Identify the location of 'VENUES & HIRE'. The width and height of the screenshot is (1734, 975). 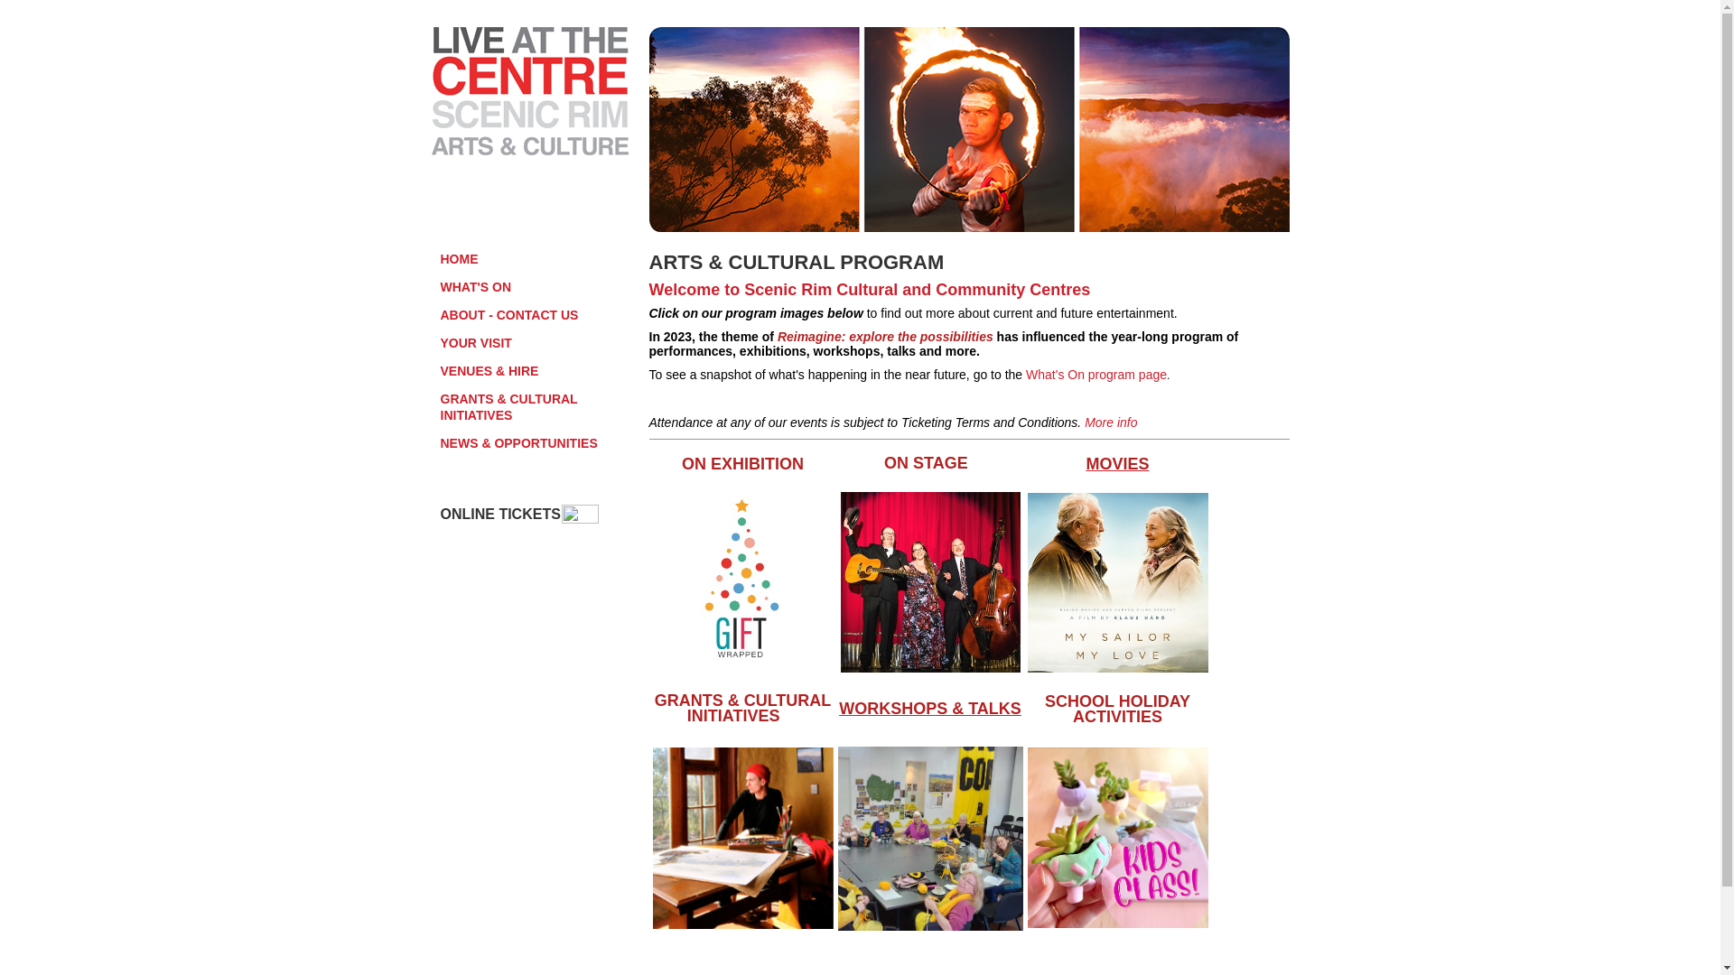
(536, 370).